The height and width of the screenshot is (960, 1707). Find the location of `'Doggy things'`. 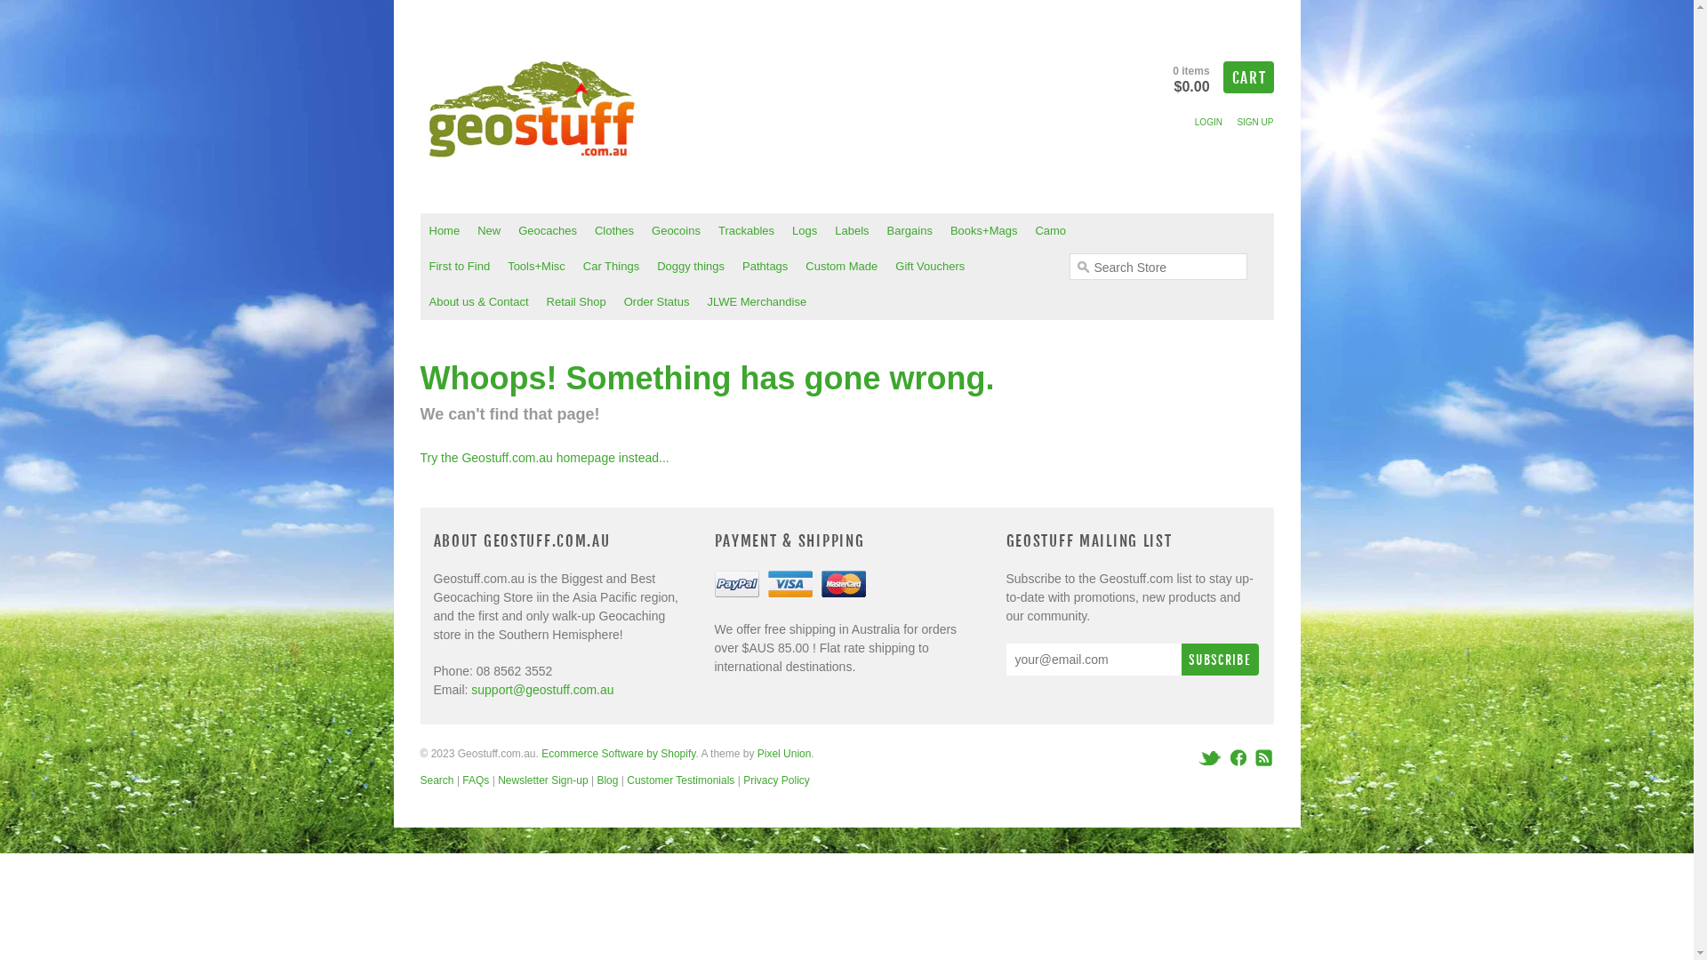

'Doggy things' is located at coordinates (690, 267).